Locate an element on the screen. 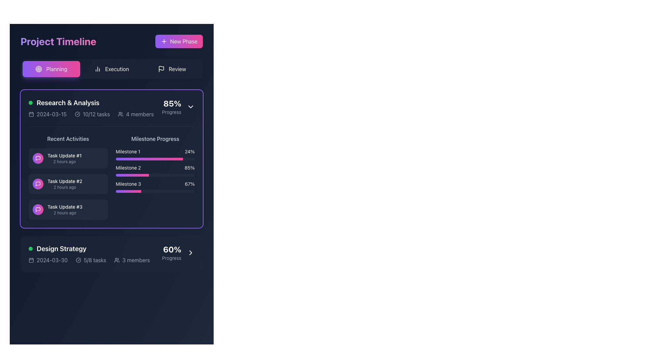  the 'Execution' button, which is the second button in a row of three is located at coordinates (112, 69).